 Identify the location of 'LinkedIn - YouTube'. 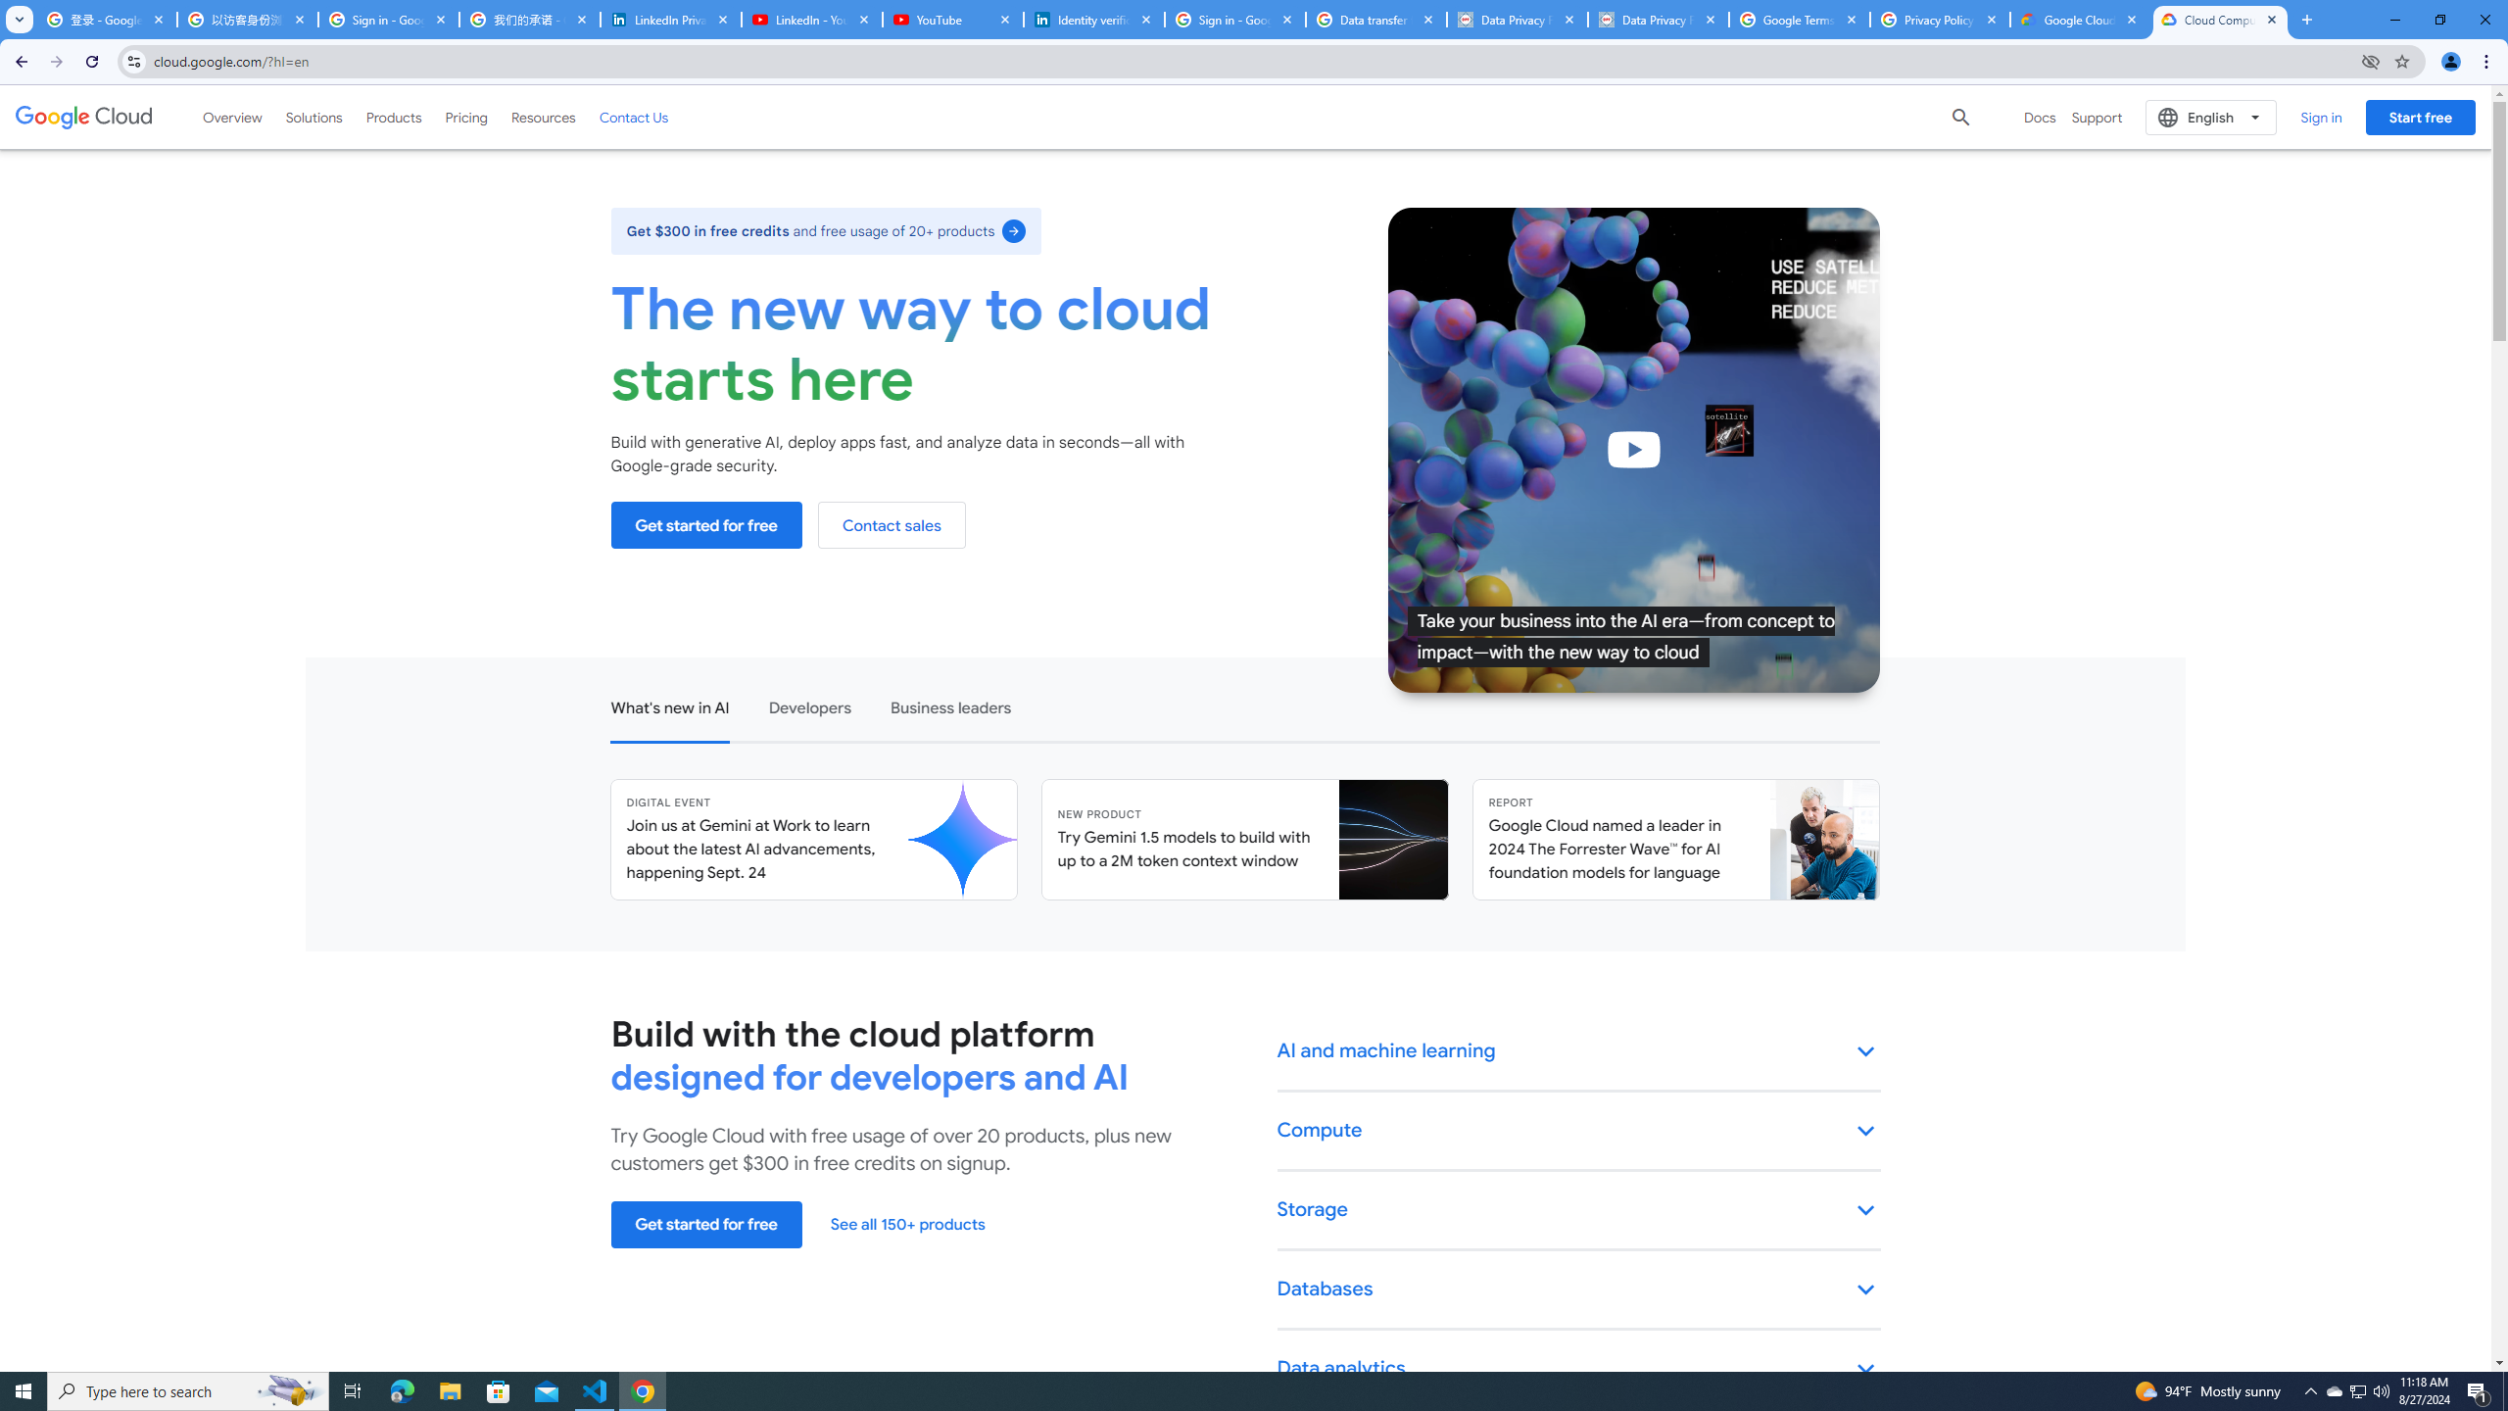
(810, 19).